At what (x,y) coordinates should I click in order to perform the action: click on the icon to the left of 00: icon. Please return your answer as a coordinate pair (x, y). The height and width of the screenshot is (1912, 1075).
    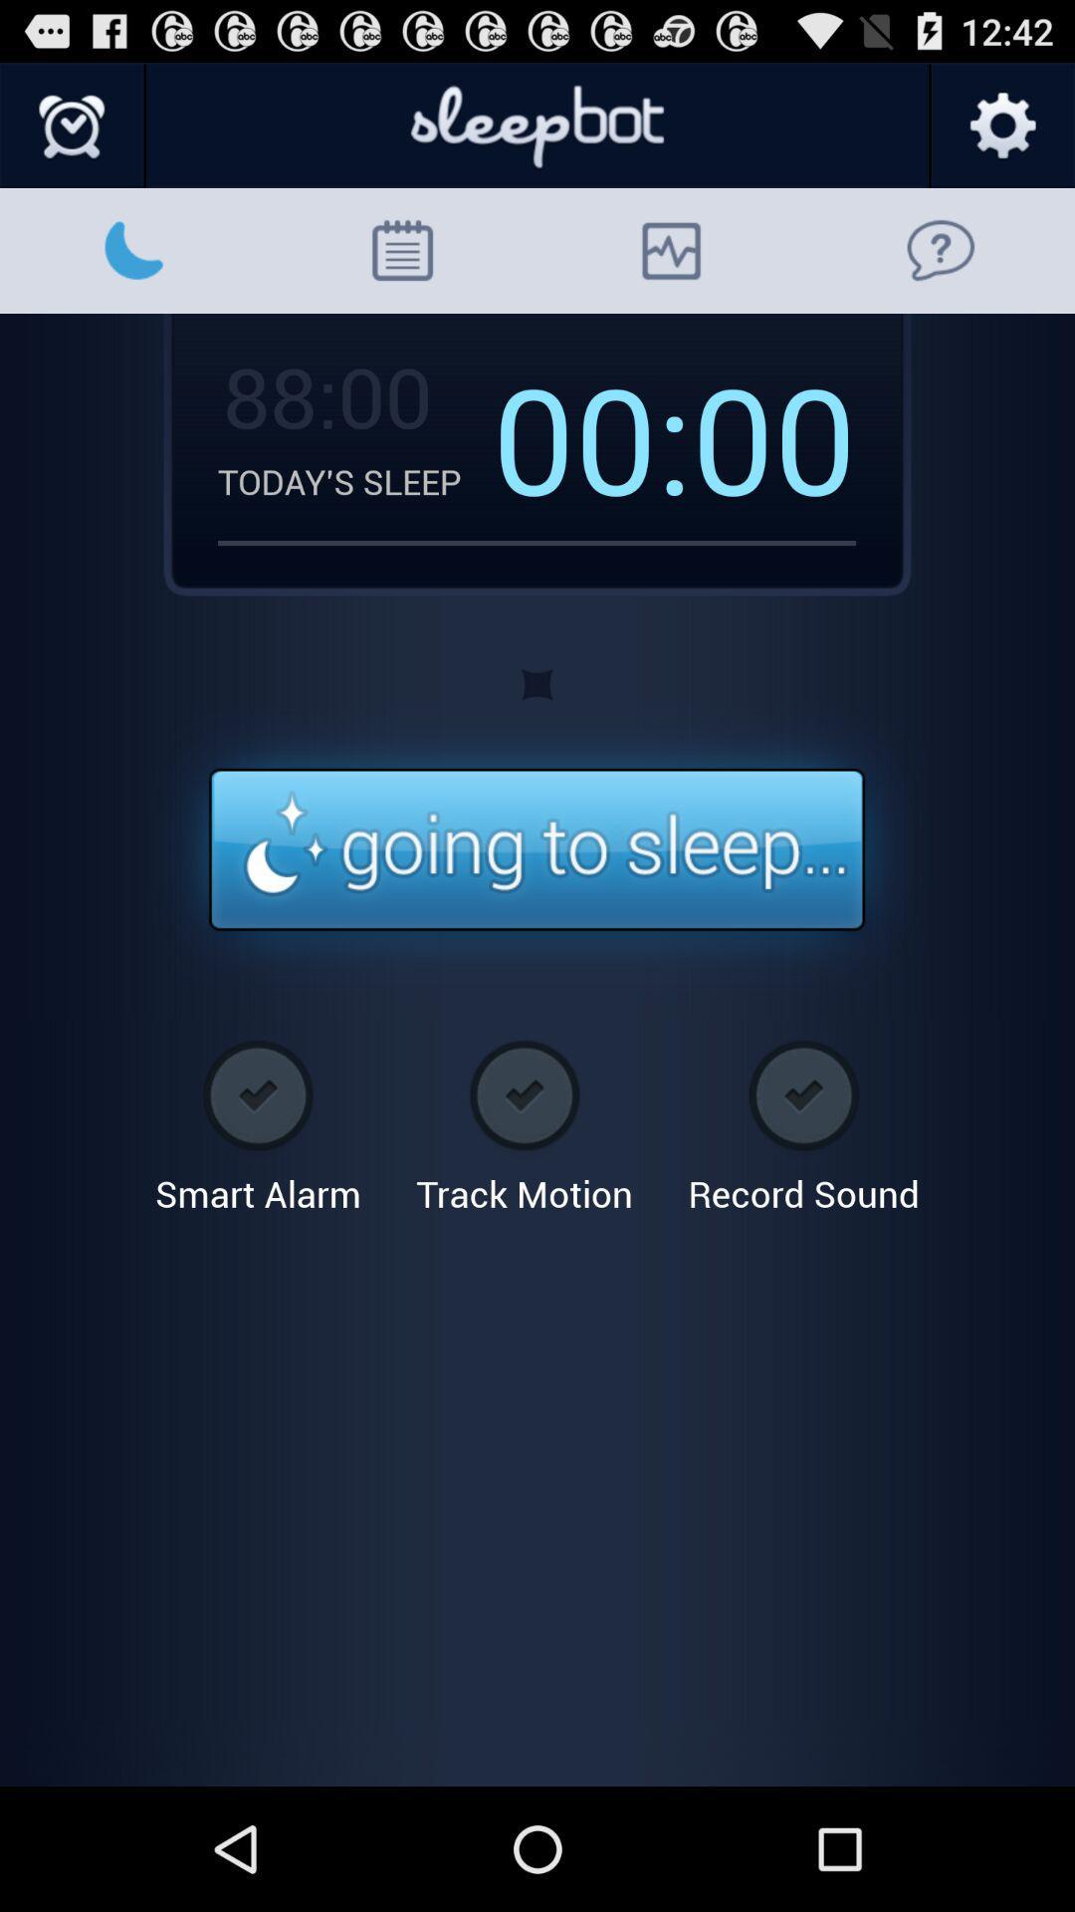
    Looking at the image, I should click on (354, 481).